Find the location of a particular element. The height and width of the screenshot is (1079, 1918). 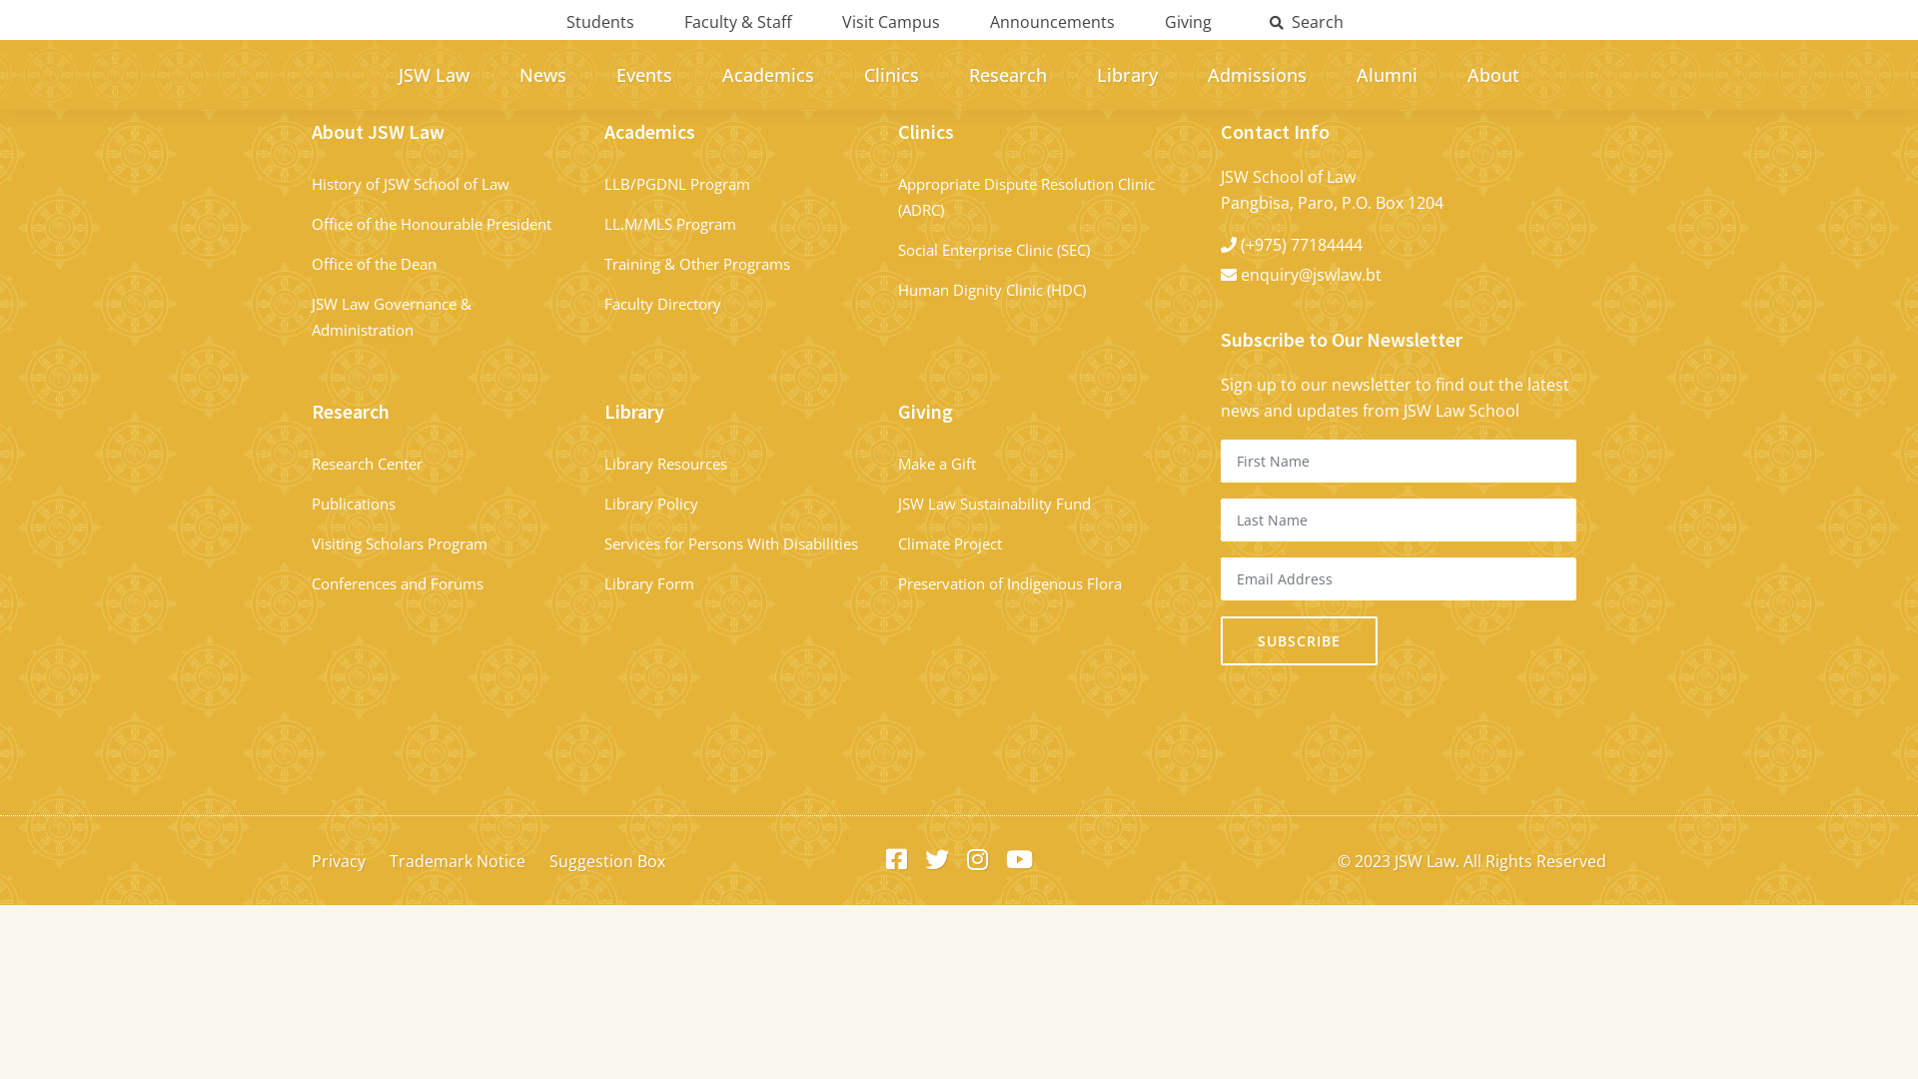

'JSW Law Sustainability Fund' is located at coordinates (896, 503).